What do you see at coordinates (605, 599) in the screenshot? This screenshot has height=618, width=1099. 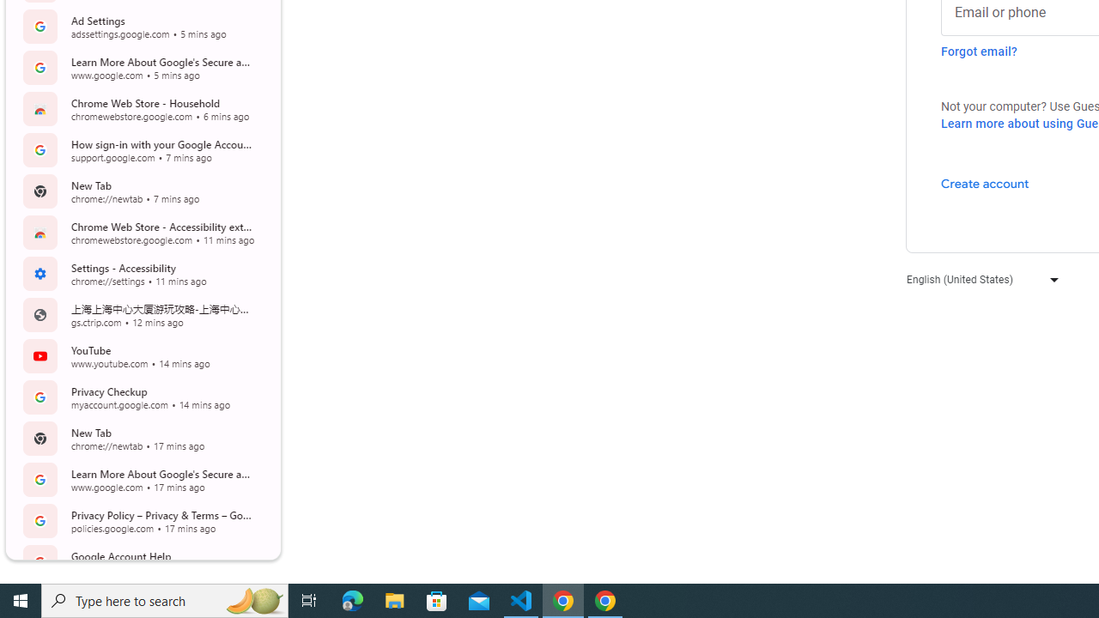 I see `'Google Chrome - 1 running window'` at bounding box center [605, 599].